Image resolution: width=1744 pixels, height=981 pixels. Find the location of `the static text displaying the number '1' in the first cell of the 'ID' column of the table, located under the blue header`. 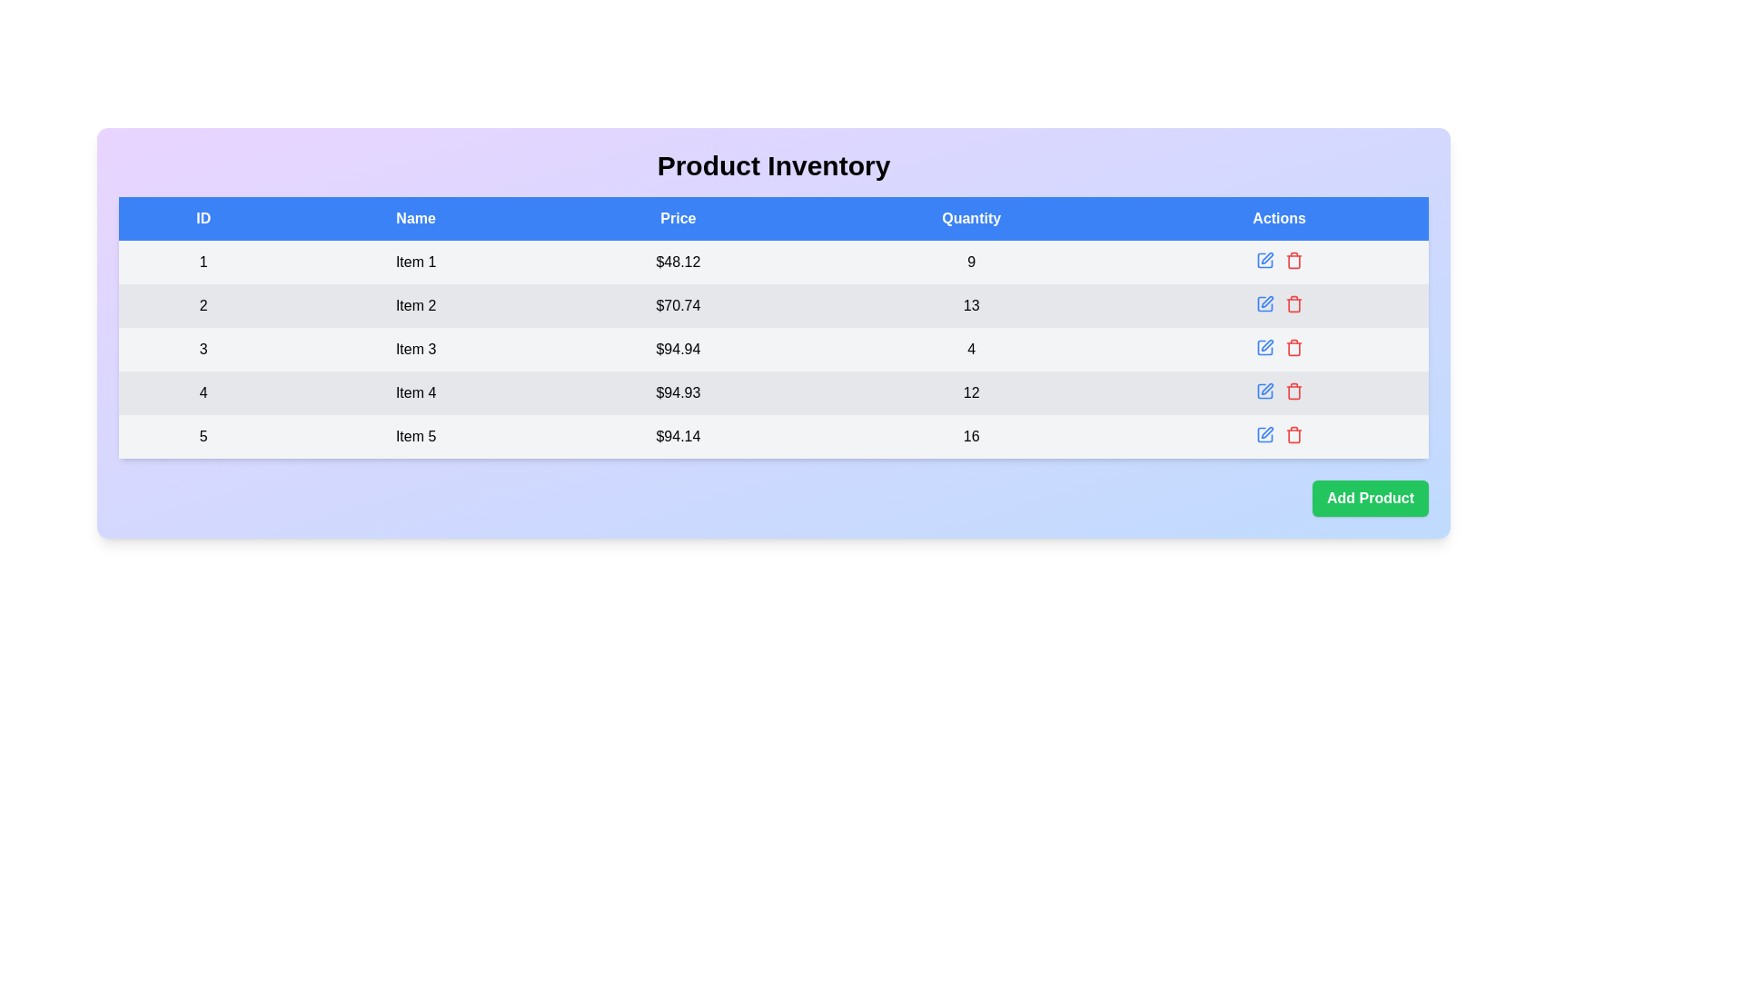

the static text displaying the number '1' in the first cell of the 'ID' column of the table, located under the blue header is located at coordinates (203, 263).